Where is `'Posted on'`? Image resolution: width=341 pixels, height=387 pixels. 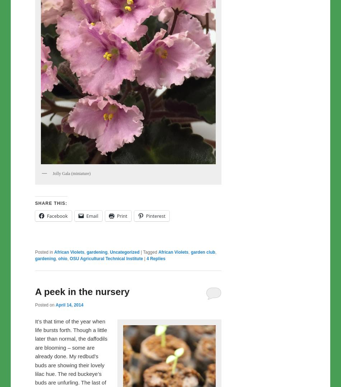 'Posted on' is located at coordinates (45, 304).